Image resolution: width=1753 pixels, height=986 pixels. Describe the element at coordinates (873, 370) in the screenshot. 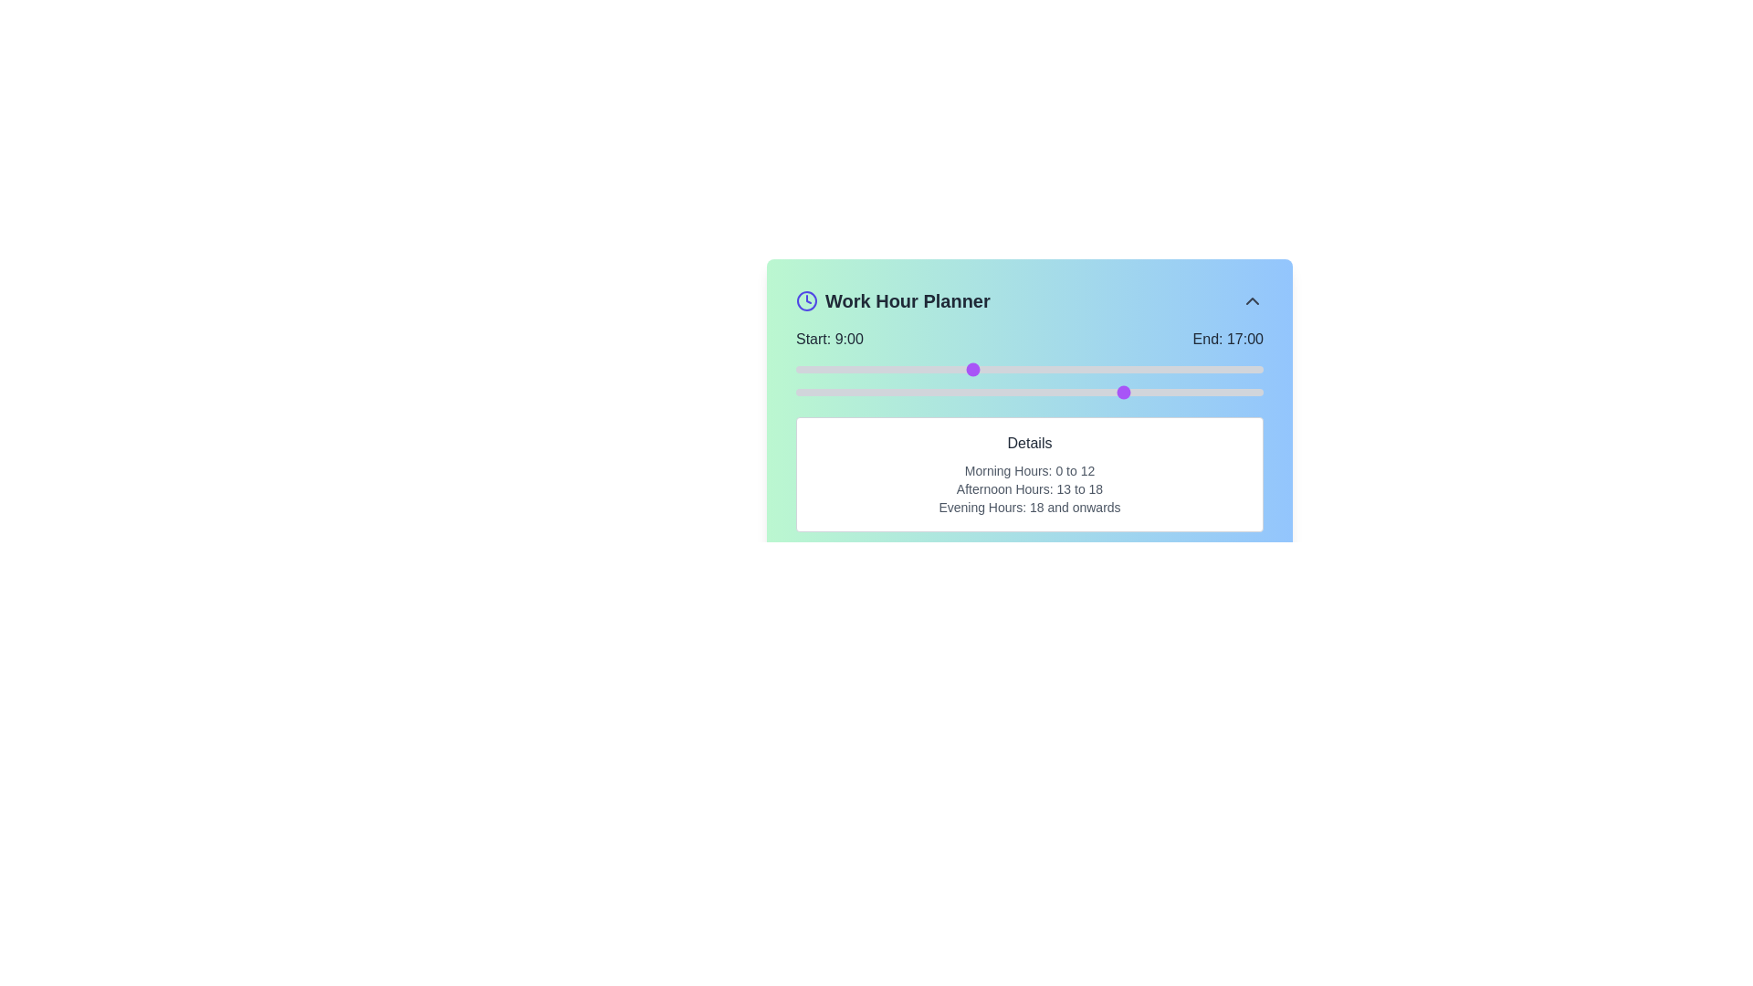

I see `the start time to 4 hours using the left slider` at that location.